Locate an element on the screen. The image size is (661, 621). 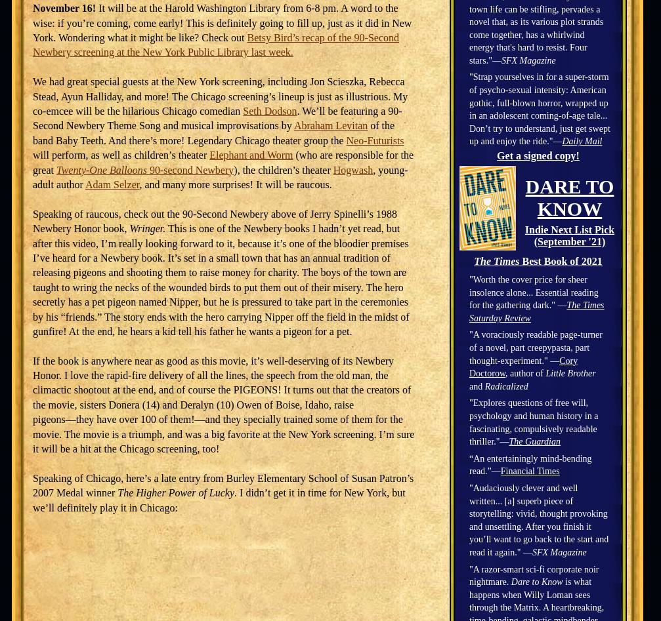
'It will be at the Harold Washington Library from 6-8 pm. A word to the wise: if you’re coming, come early! This is definitely going to fill up, just as it did in New York. Wondering what it might be like? Check out' is located at coordinates (33, 23).